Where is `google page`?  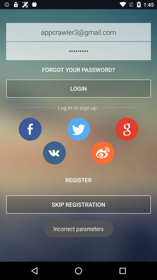 google page is located at coordinates (54, 153).